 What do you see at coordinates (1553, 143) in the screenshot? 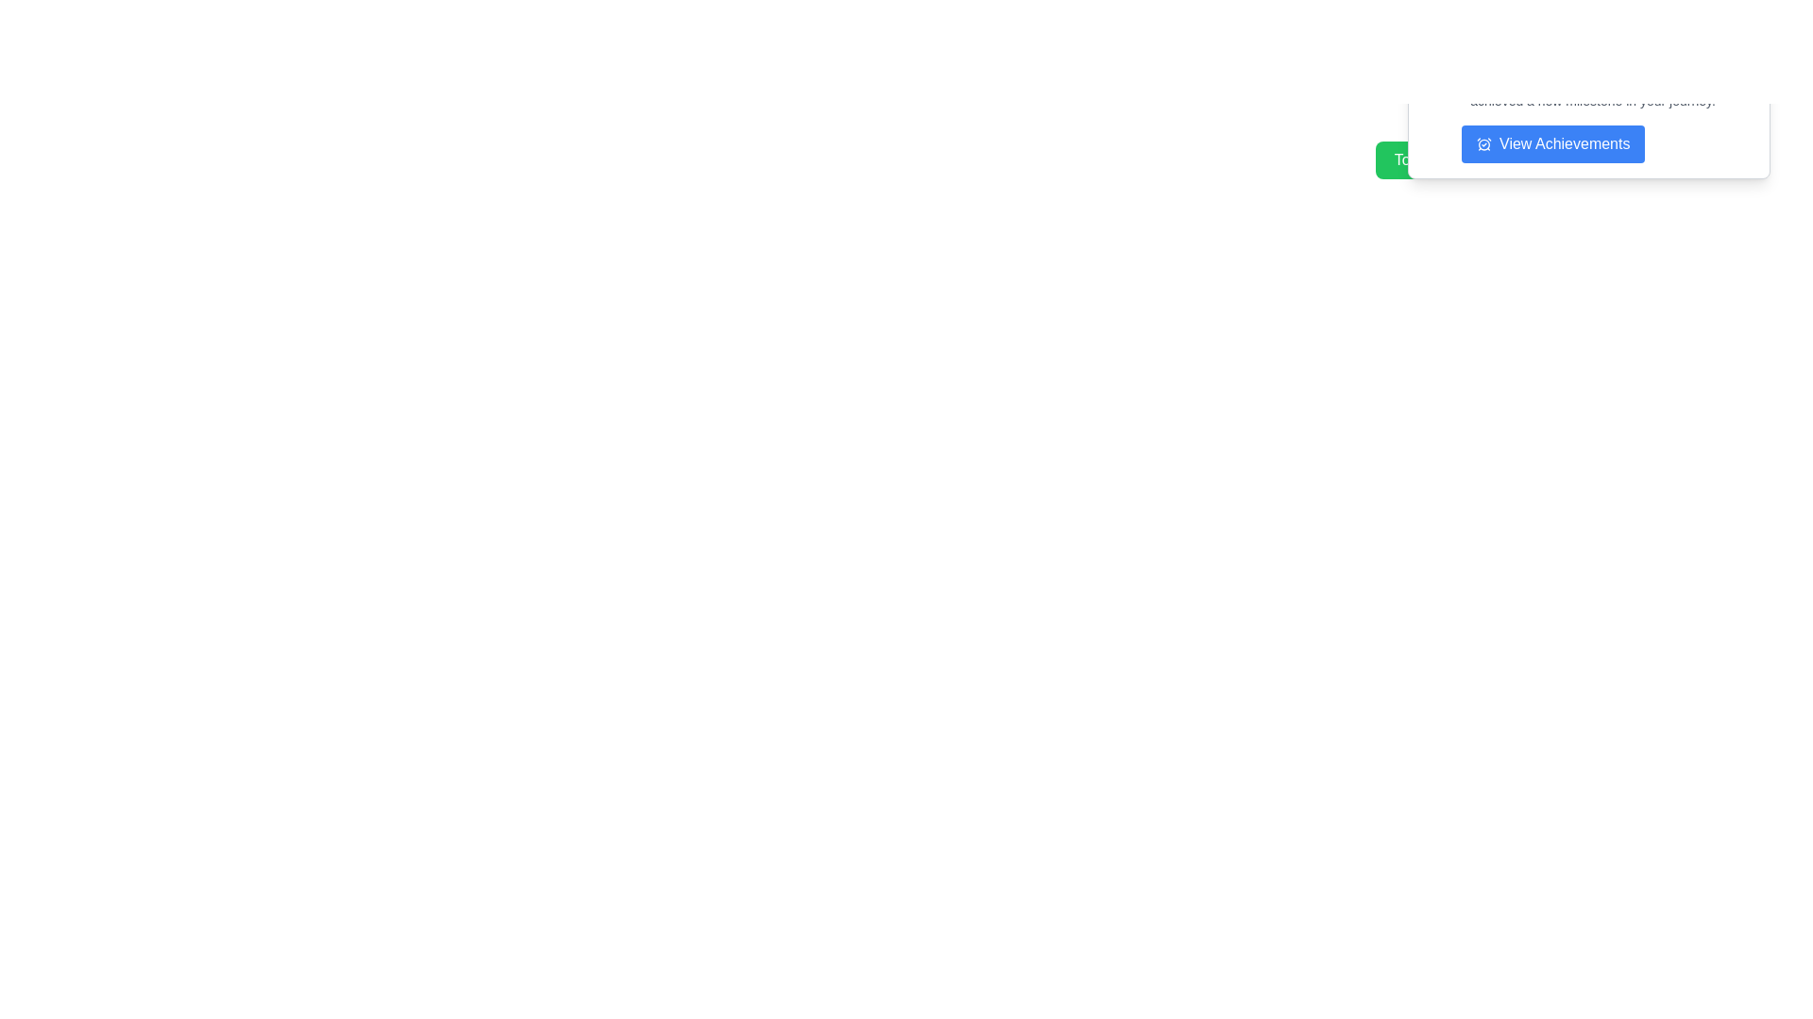
I see `the button labeled 'View Achievements' with a clock icon, located below the text elements 'Celebratory Alert' and a congratulatory message` at bounding box center [1553, 143].